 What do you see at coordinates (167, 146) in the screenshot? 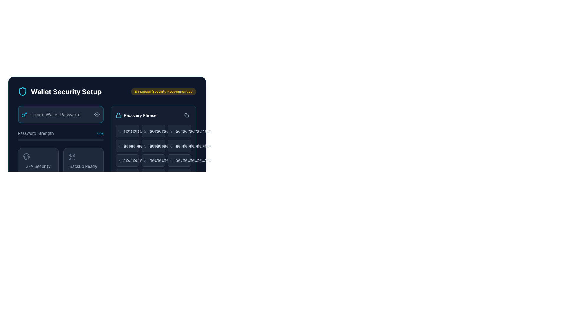
I see `the second placeholder text element in the recovery phrase grid under the 'Recovery Phrase' section to interact or edit it` at bounding box center [167, 146].